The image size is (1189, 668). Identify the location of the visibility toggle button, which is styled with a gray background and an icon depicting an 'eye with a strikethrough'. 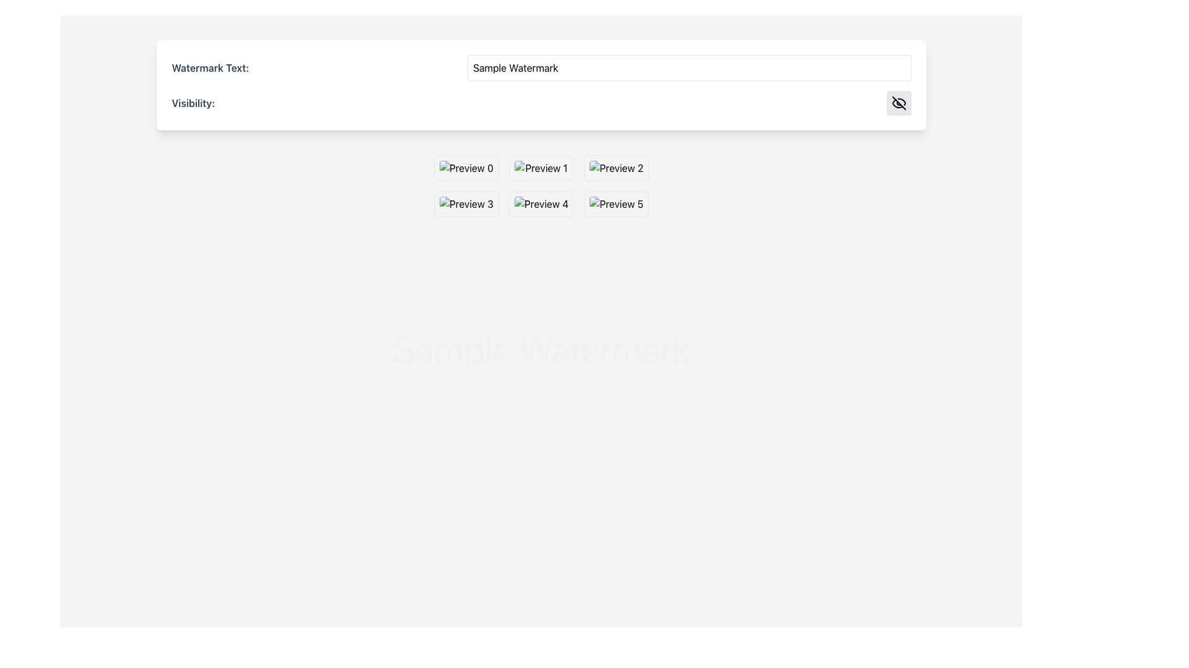
(899, 102).